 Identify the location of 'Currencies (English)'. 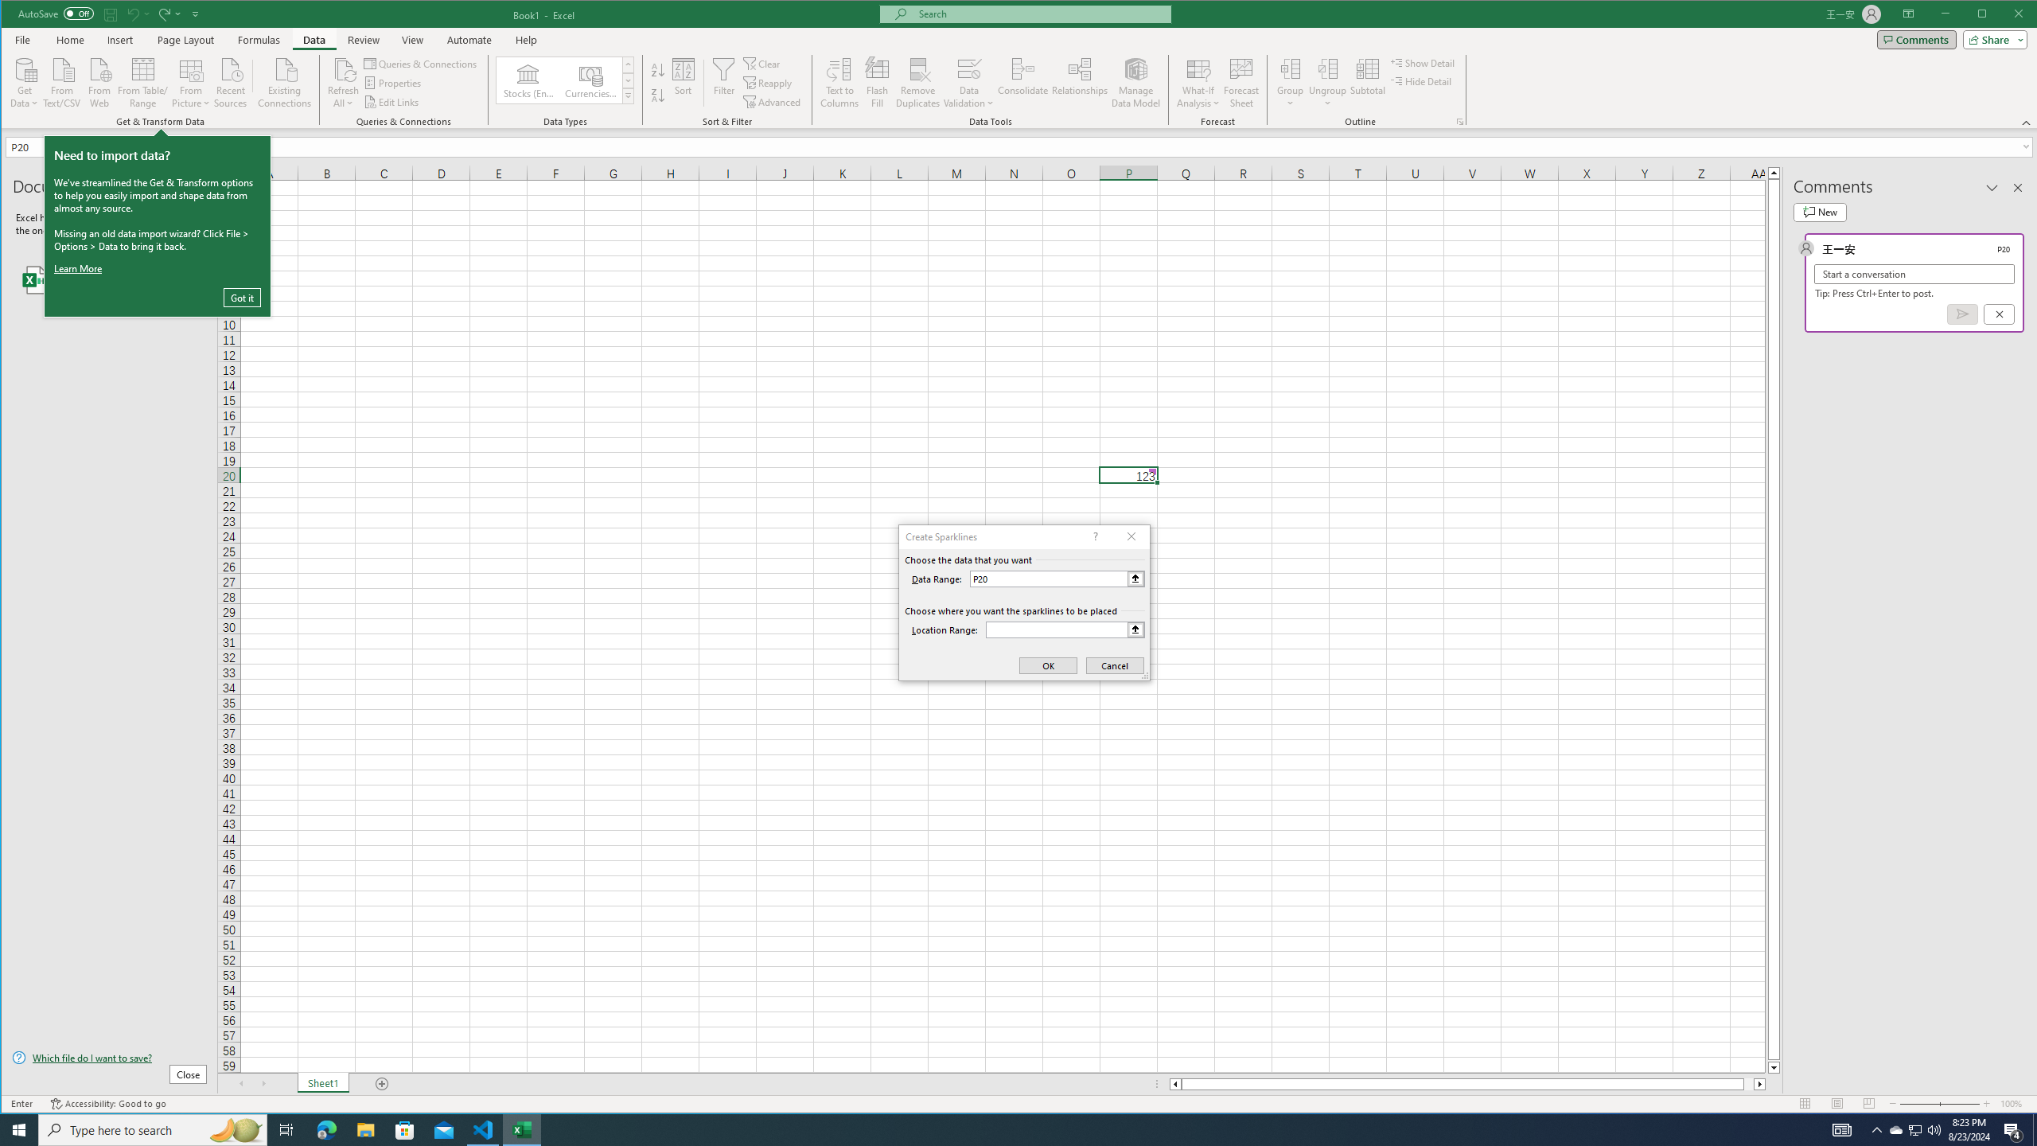
(590, 80).